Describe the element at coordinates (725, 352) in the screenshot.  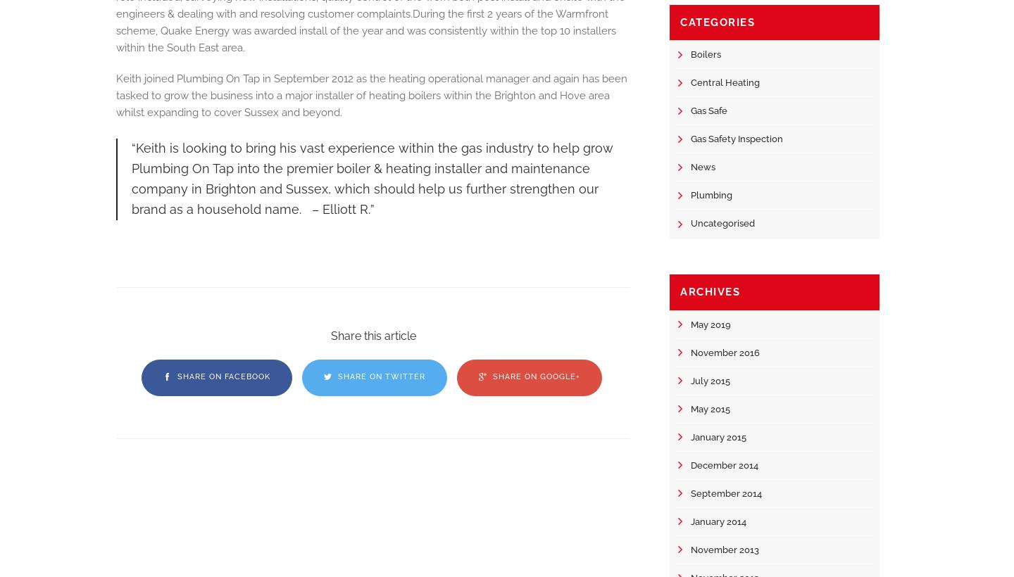
I see `'November 2016'` at that location.